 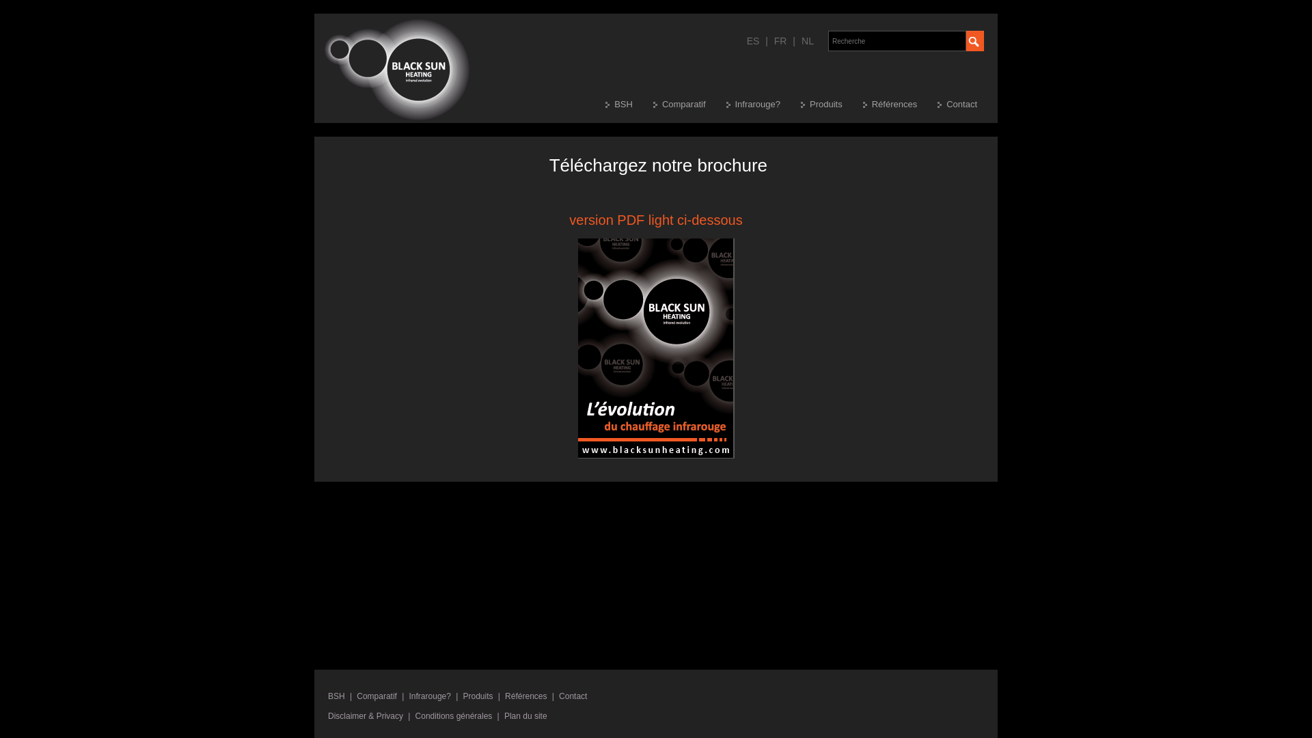 I want to click on 'FR', so click(x=780, y=40).